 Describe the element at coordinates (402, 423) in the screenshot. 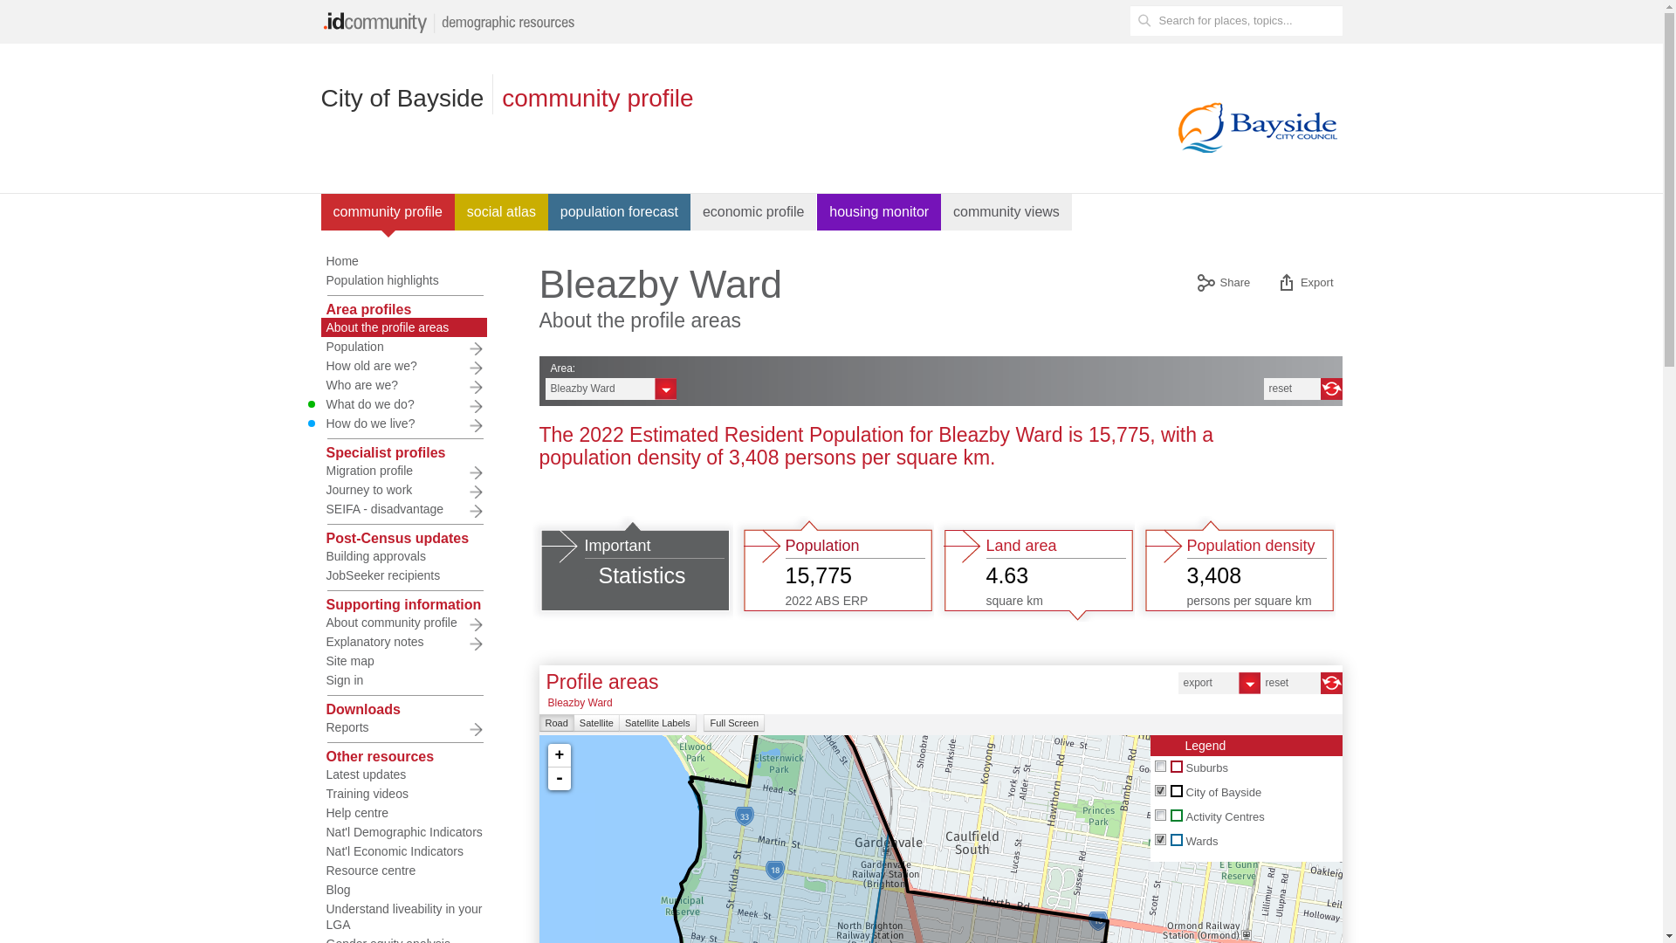

I see `'How do we live?` at that location.